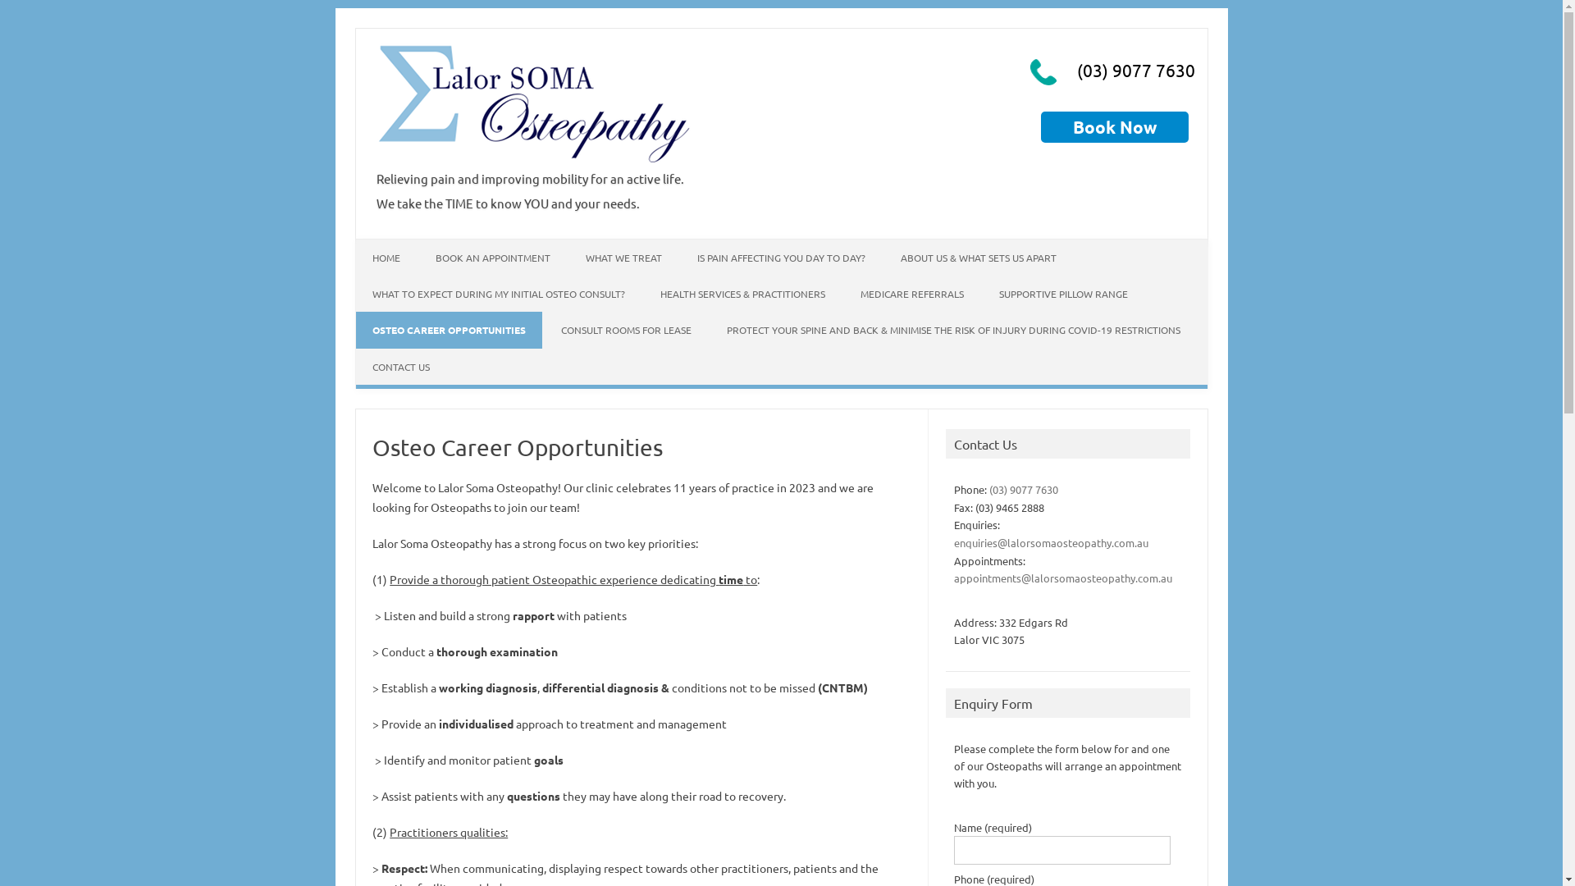 The width and height of the screenshot is (1575, 886). Describe the element at coordinates (449, 329) in the screenshot. I see `'OSTEO CAREER OPPORTUNITIES'` at that location.